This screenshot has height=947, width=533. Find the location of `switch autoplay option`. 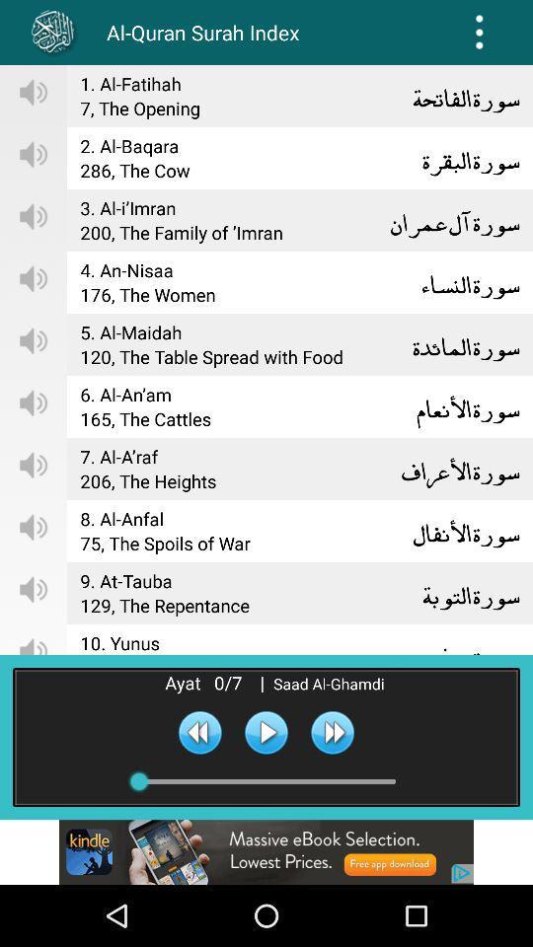

switch autoplay option is located at coordinates (266, 731).